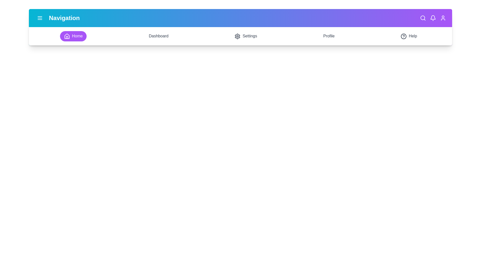  I want to click on the Profile section in the navigation bar, so click(329, 36).